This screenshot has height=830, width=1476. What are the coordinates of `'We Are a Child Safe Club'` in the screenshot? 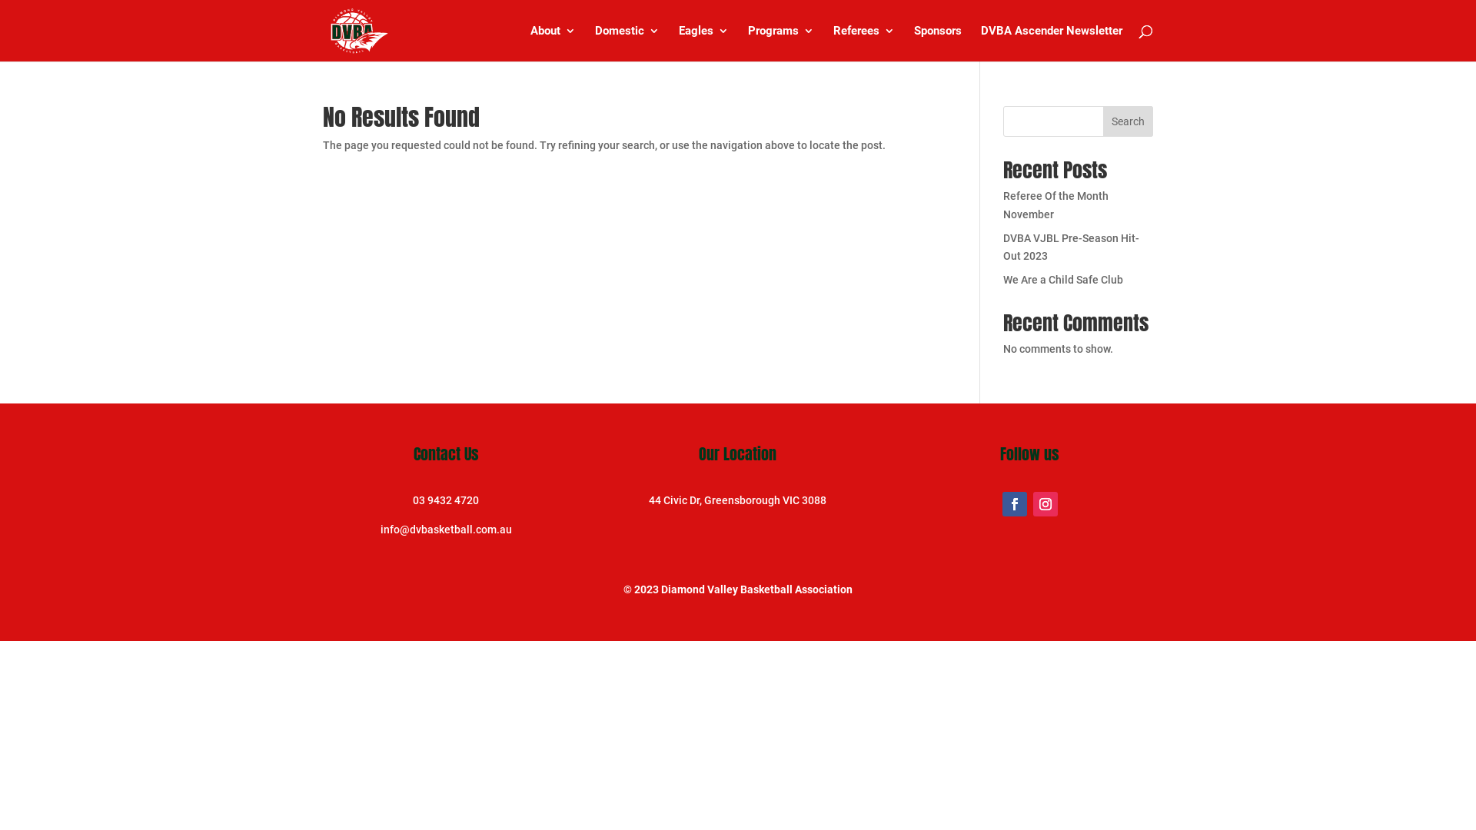 It's located at (1062, 279).